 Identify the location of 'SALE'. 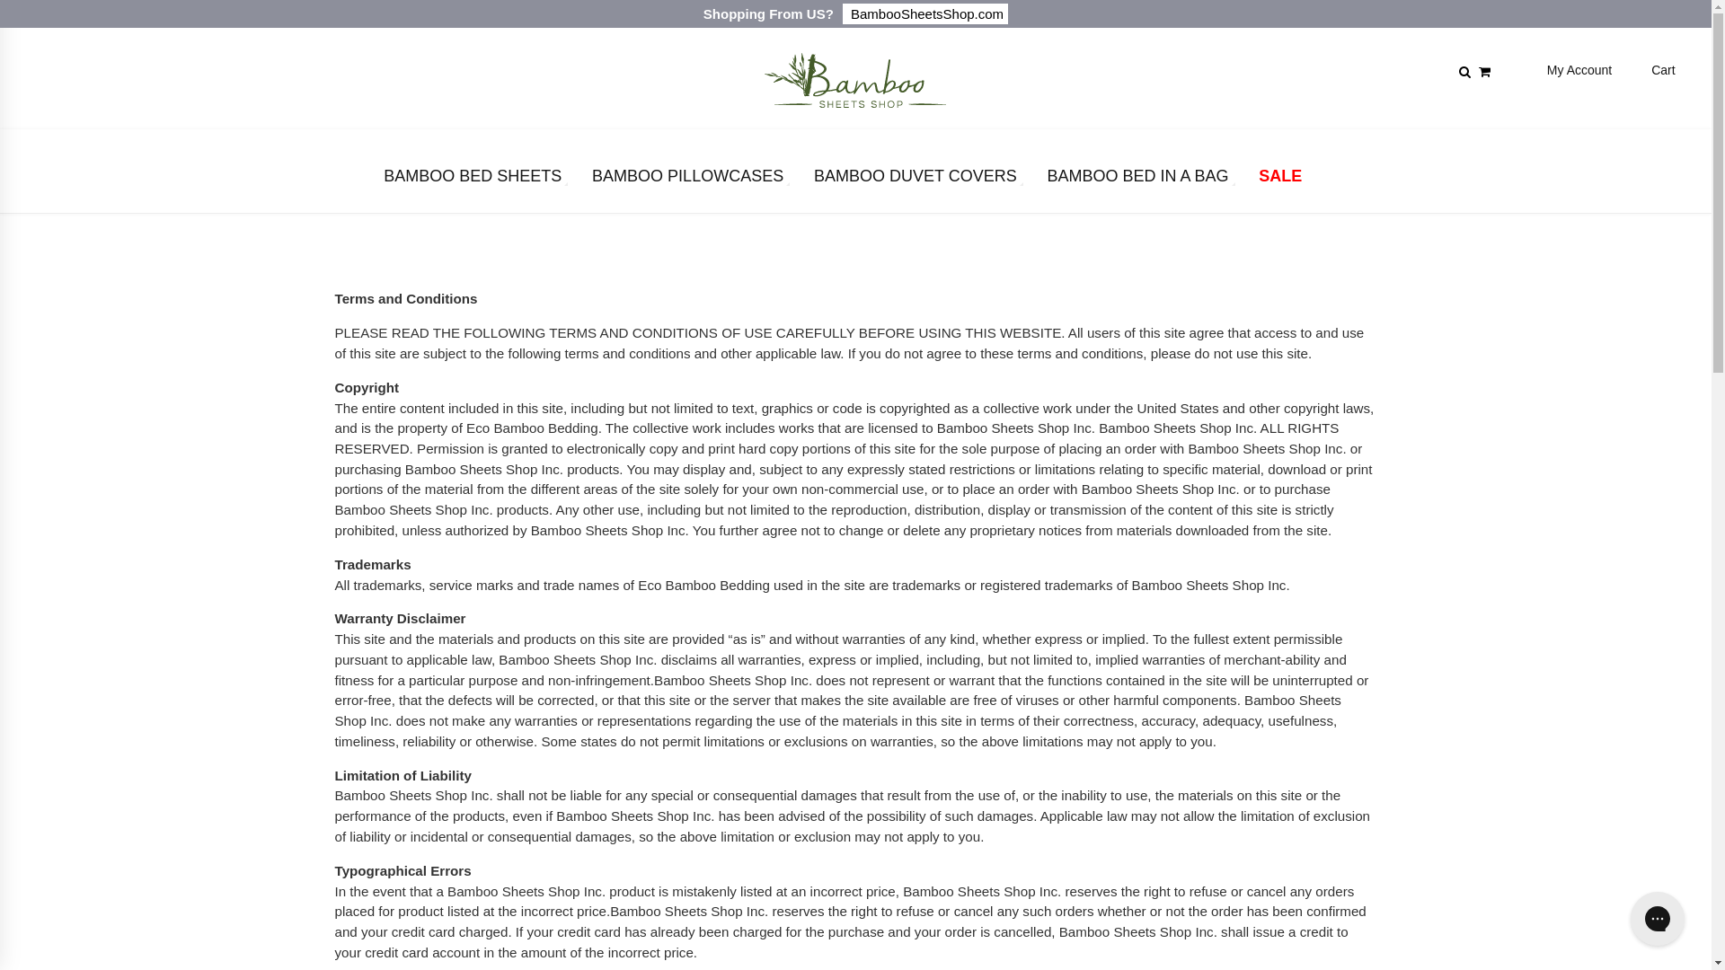
(1253, 180).